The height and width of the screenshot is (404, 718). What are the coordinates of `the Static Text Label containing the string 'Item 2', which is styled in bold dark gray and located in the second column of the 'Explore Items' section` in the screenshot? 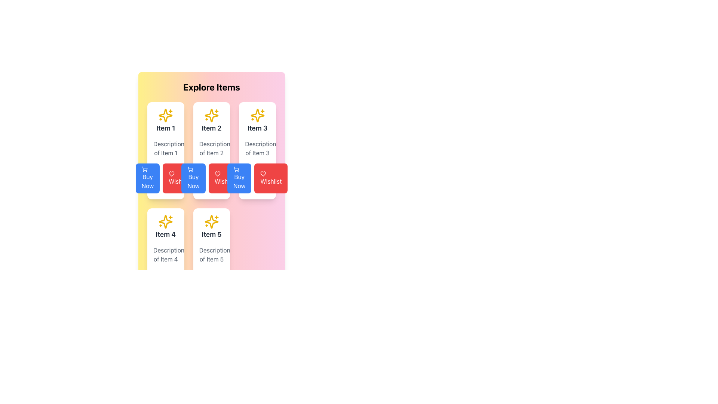 It's located at (211, 128).